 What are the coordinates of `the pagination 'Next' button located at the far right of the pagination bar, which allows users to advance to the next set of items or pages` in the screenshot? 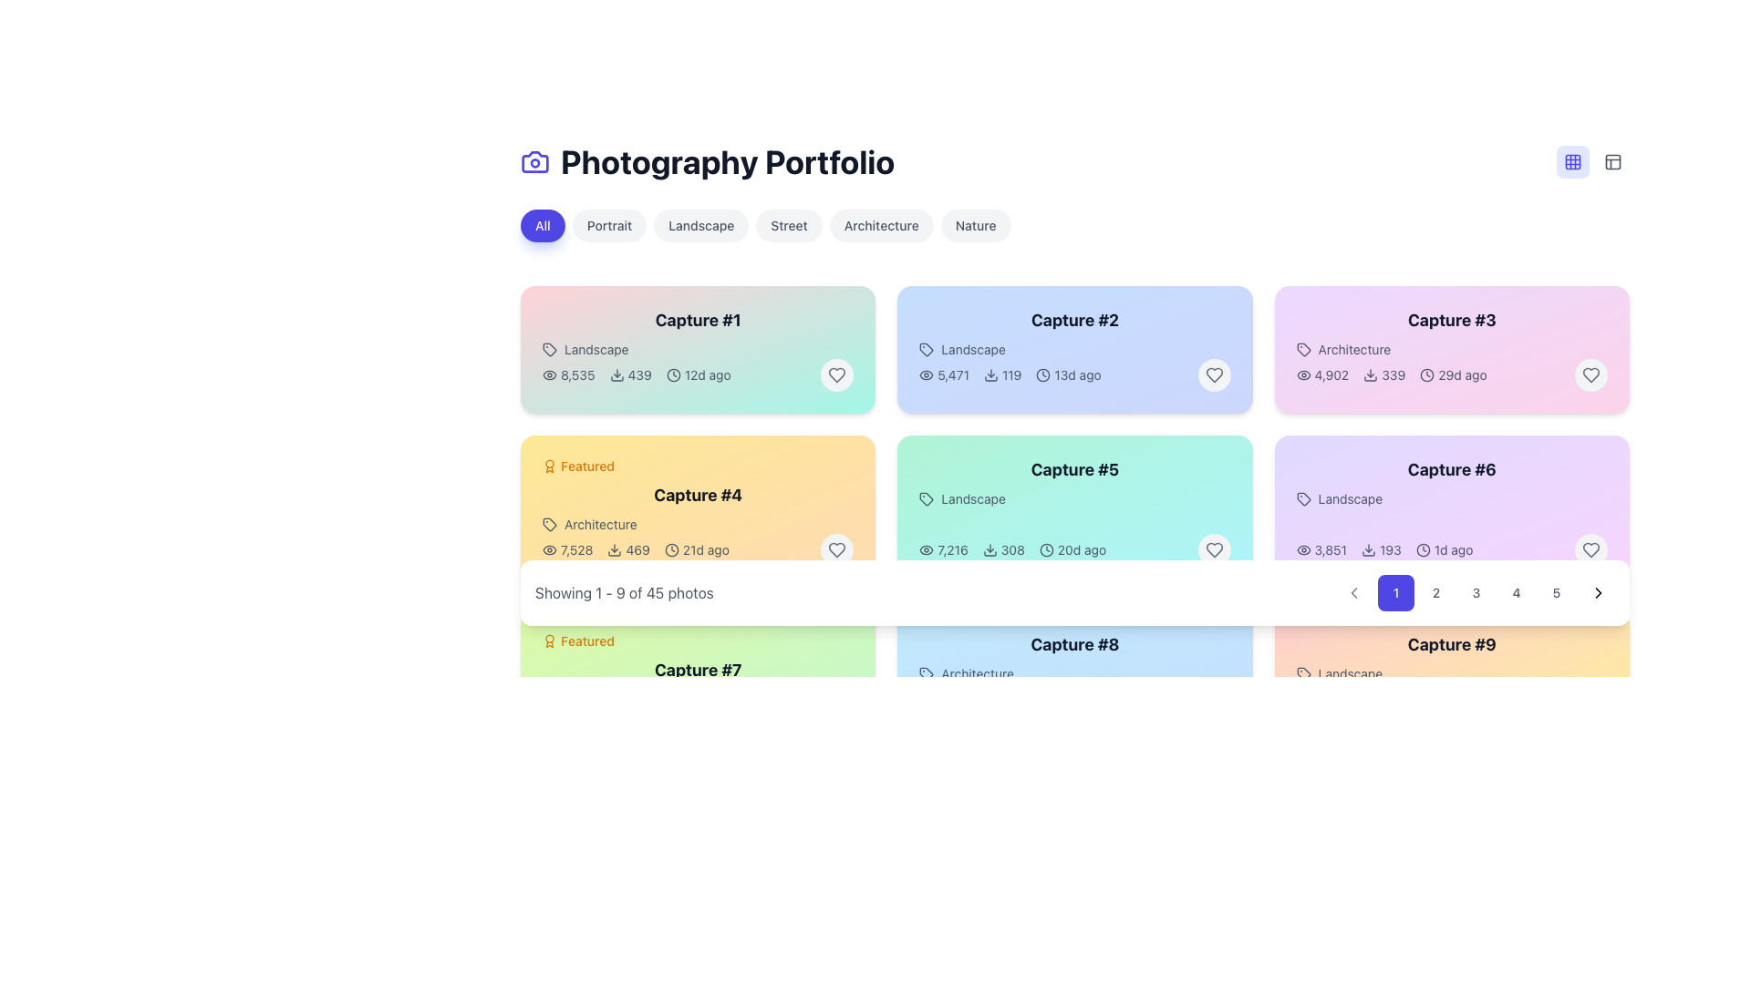 It's located at (1597, 593).